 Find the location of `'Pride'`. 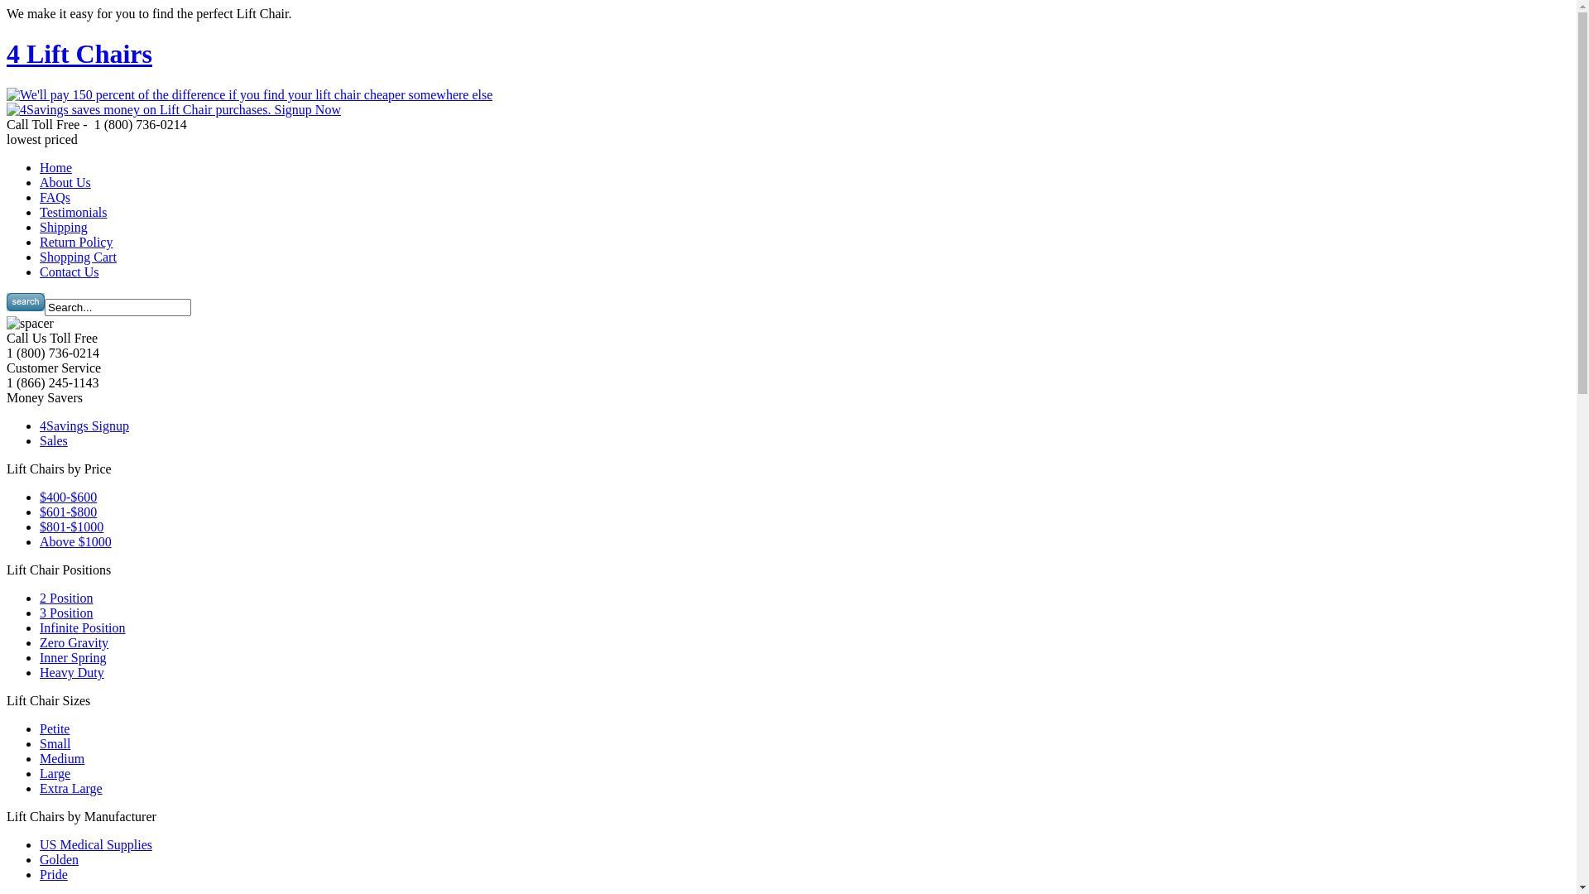

'Pride' is located at coordinates (54, 873).